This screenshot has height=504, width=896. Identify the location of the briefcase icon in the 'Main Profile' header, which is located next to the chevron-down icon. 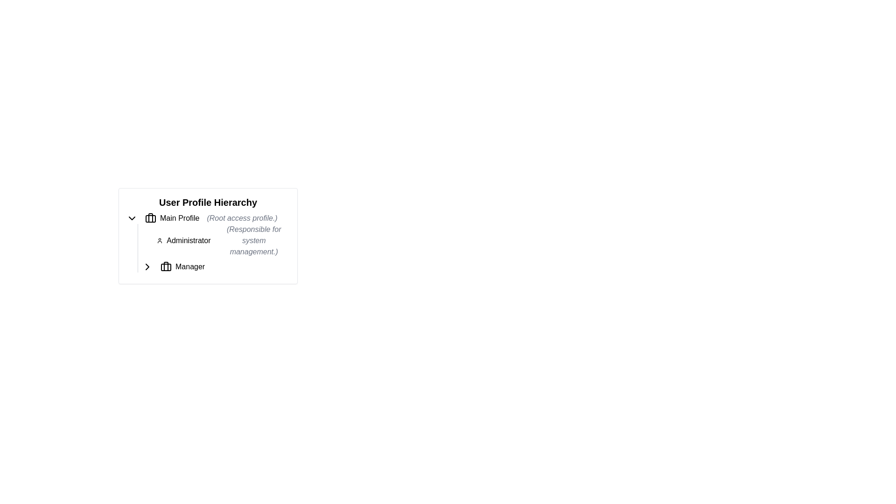
(150, 218).